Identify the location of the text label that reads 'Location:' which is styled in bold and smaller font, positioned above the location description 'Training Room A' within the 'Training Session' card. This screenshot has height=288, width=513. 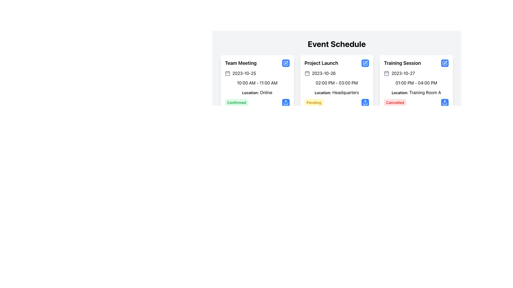
(400, 92).